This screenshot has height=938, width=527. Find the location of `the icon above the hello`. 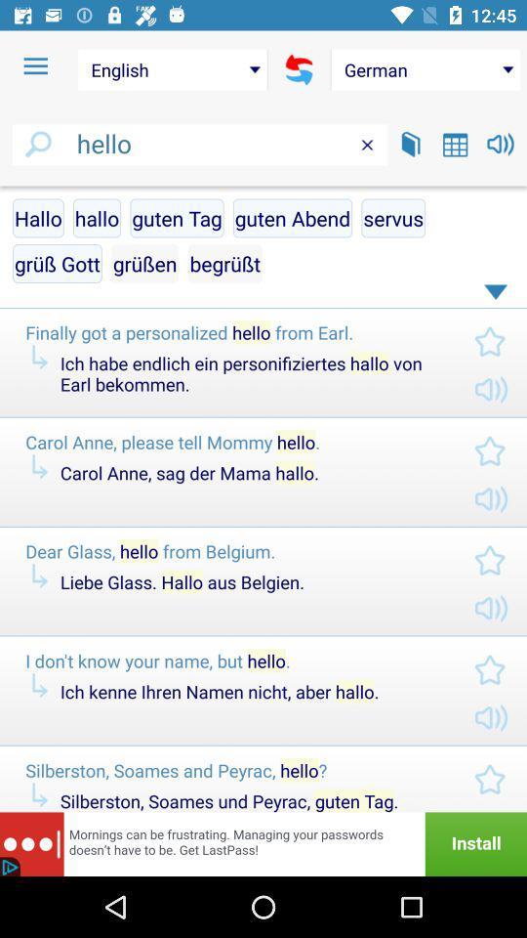

the icon above the hello is located at coordinates (299, 69).